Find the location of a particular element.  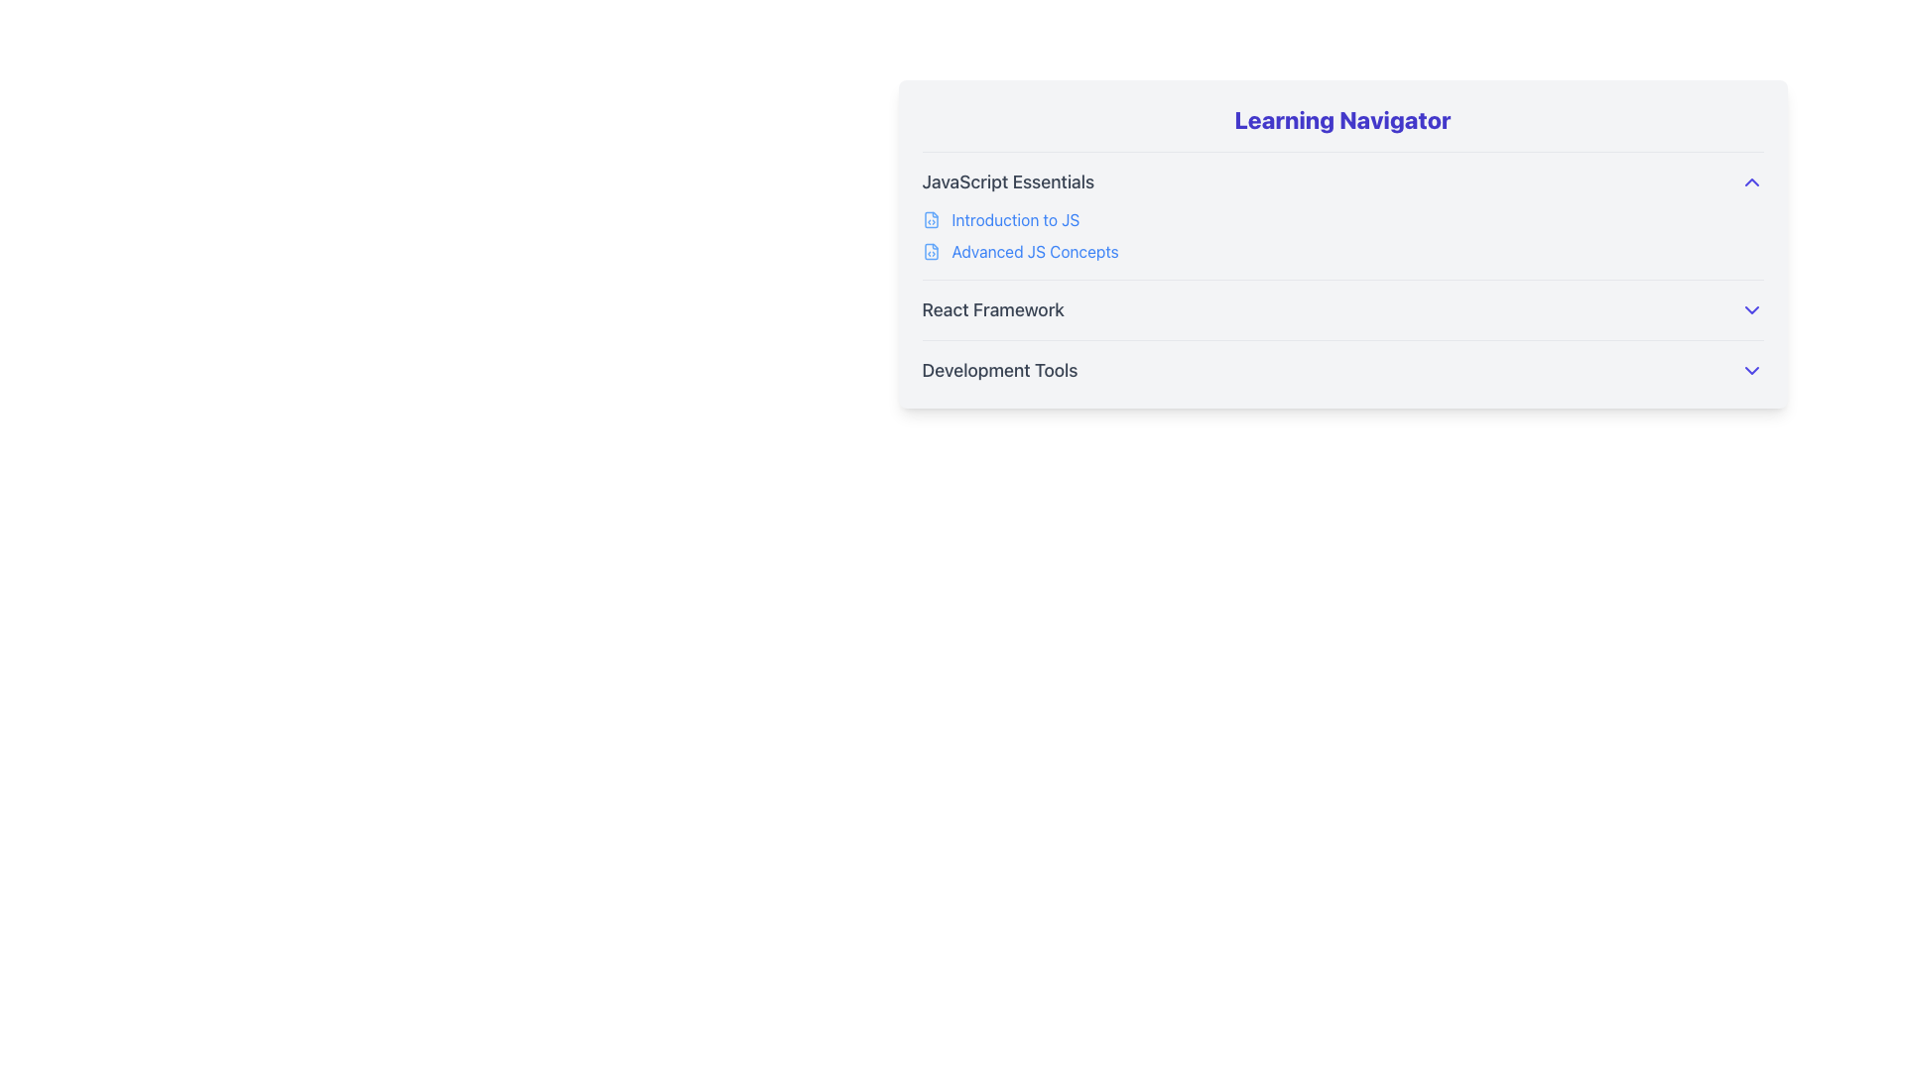

the 'Development Tools' text label in the 'Learning Navigator' section of the navigation menu is located at coordinates (1000, 371).